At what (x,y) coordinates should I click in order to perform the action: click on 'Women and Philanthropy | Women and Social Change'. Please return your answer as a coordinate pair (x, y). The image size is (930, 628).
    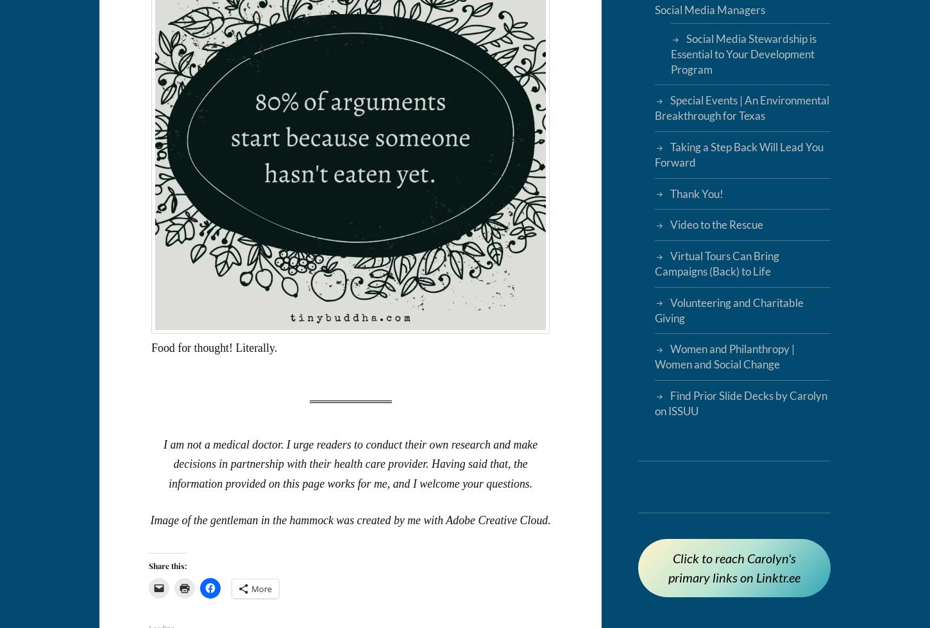
    Looking at the image, I should click on (654, 356).